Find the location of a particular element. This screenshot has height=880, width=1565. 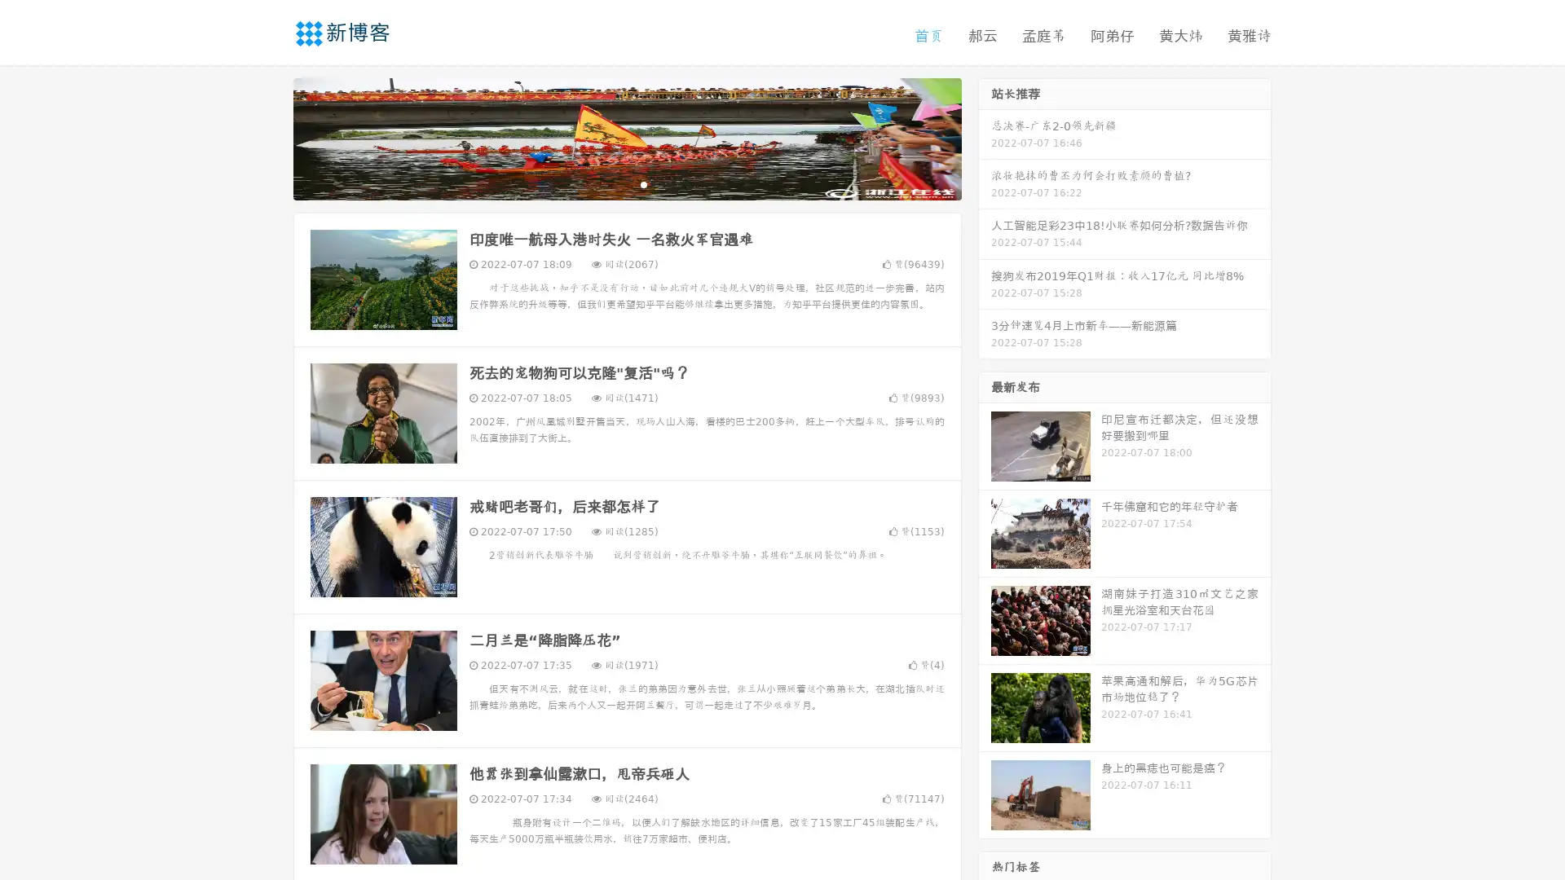

Go to slide 3 is located at coordinates (643, 183).